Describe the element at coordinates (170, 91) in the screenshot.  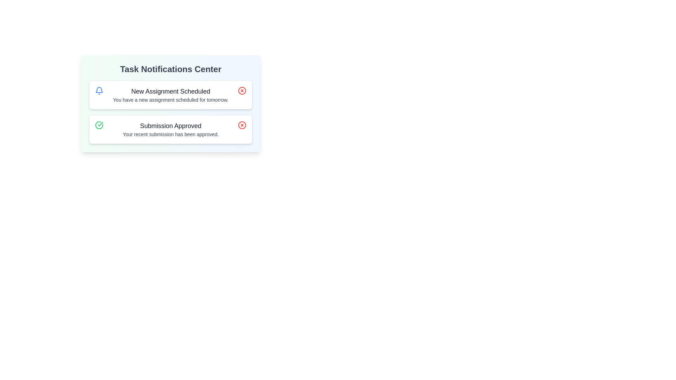
I see `the notification title or description by selecting New Assignment Scheduled` at that location.